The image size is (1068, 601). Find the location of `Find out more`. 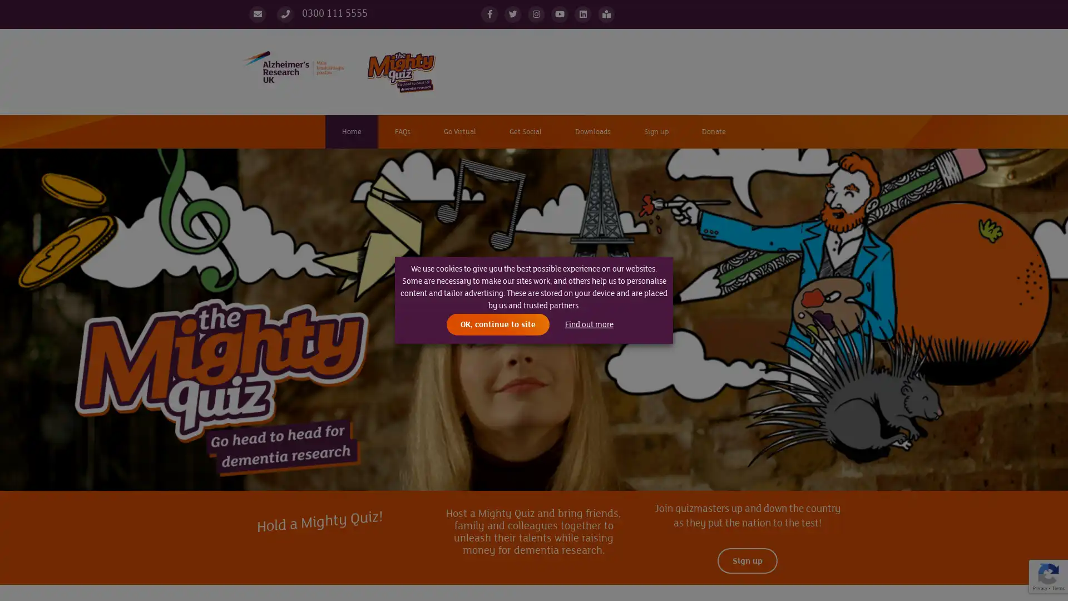

Find out more is located at coordinates (588, 324).